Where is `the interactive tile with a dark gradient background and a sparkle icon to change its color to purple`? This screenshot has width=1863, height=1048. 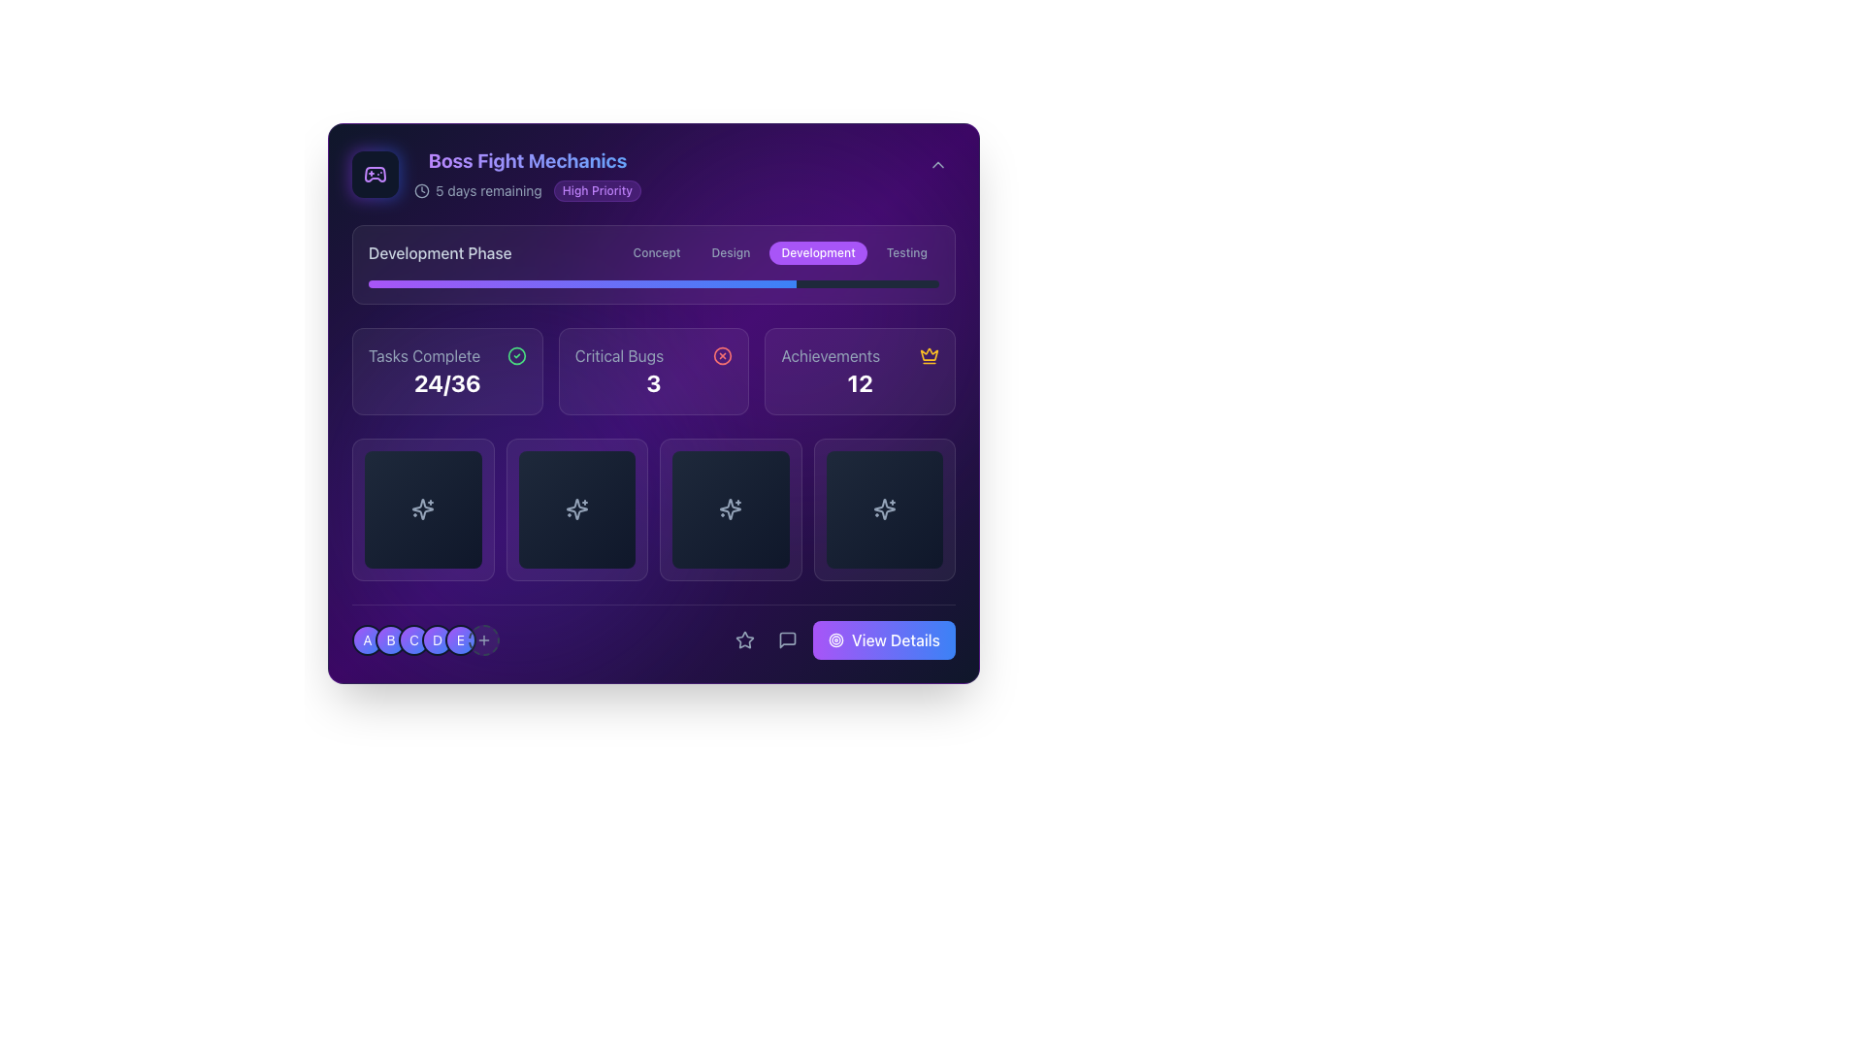
the interactive tile with a dark gradient background and a sparkle icon to change its color to purple is located at coordinates (730, 508).